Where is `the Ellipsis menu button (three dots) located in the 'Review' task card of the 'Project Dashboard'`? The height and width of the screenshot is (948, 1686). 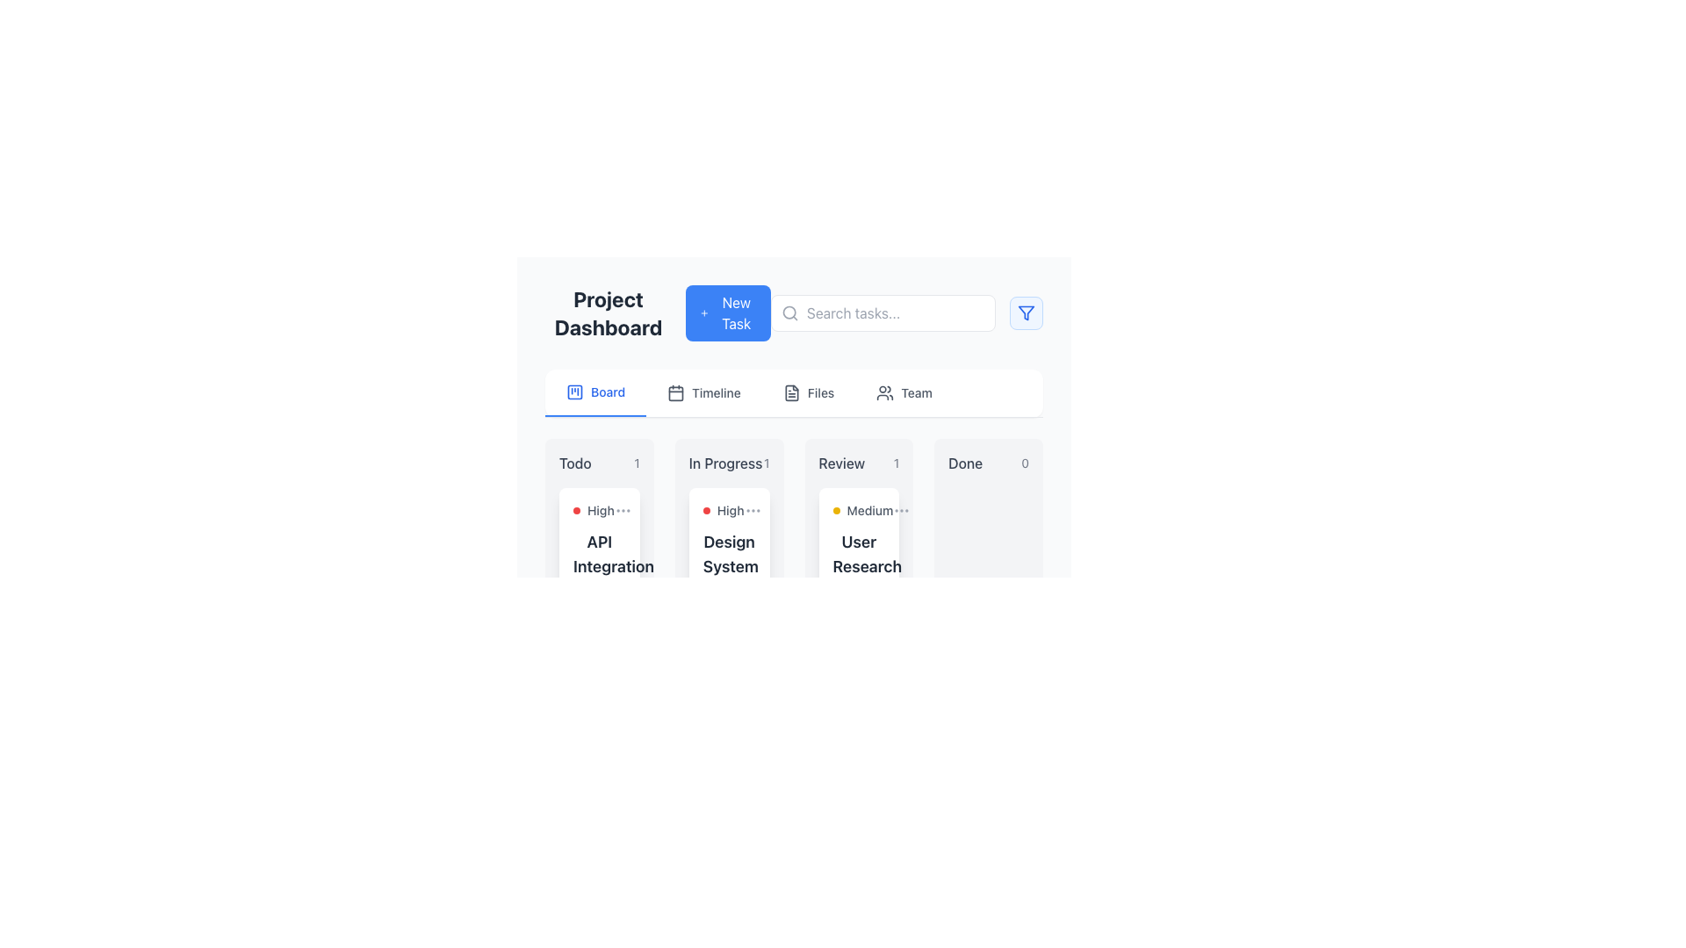 the Ellipsis menu button (three dots) located in the 'Review' task card of the 'Project Dashboard' is located at coordinates (902, 511).